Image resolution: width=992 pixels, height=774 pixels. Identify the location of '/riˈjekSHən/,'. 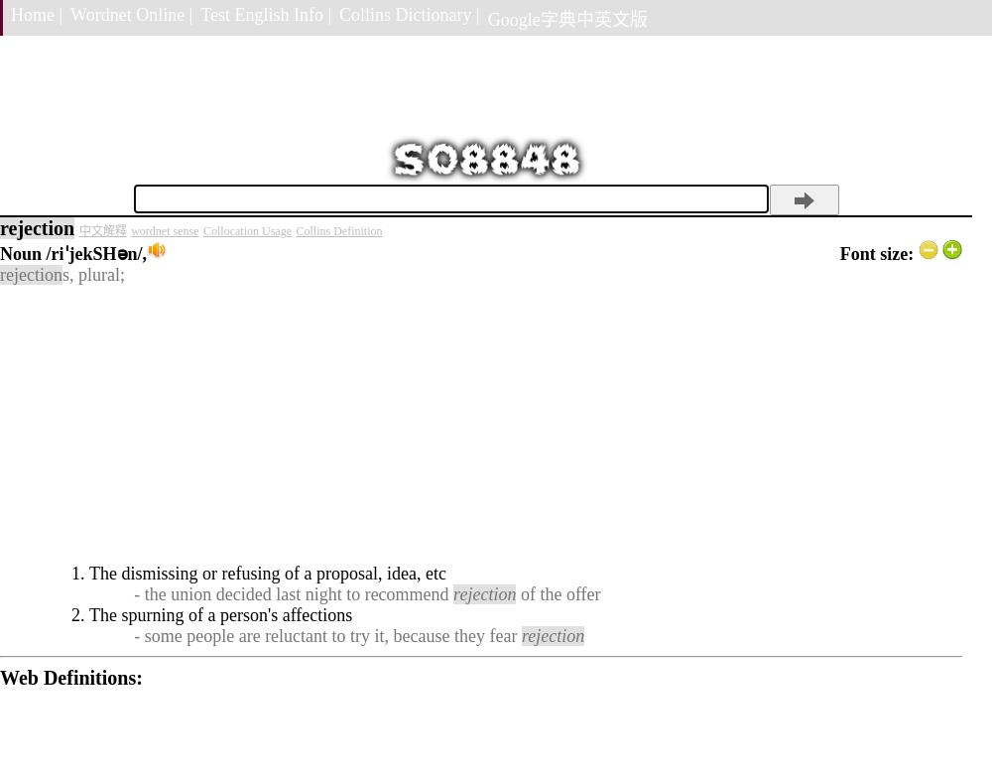
(95, 253).